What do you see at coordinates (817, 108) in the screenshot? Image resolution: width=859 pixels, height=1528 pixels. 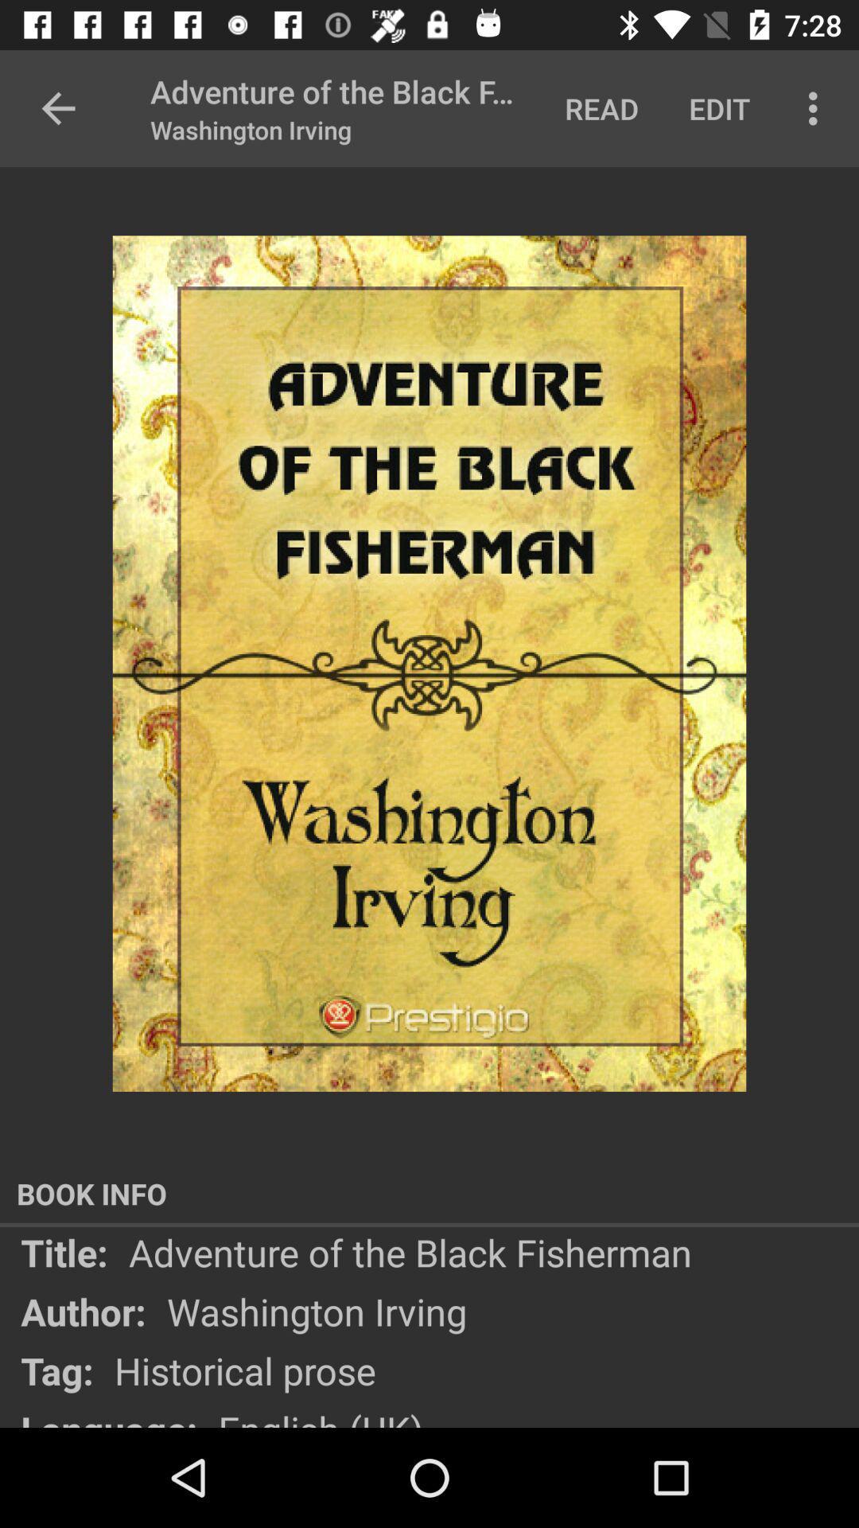 I see `the more option icon to the right of edit text` at bounding box center [817, 108].